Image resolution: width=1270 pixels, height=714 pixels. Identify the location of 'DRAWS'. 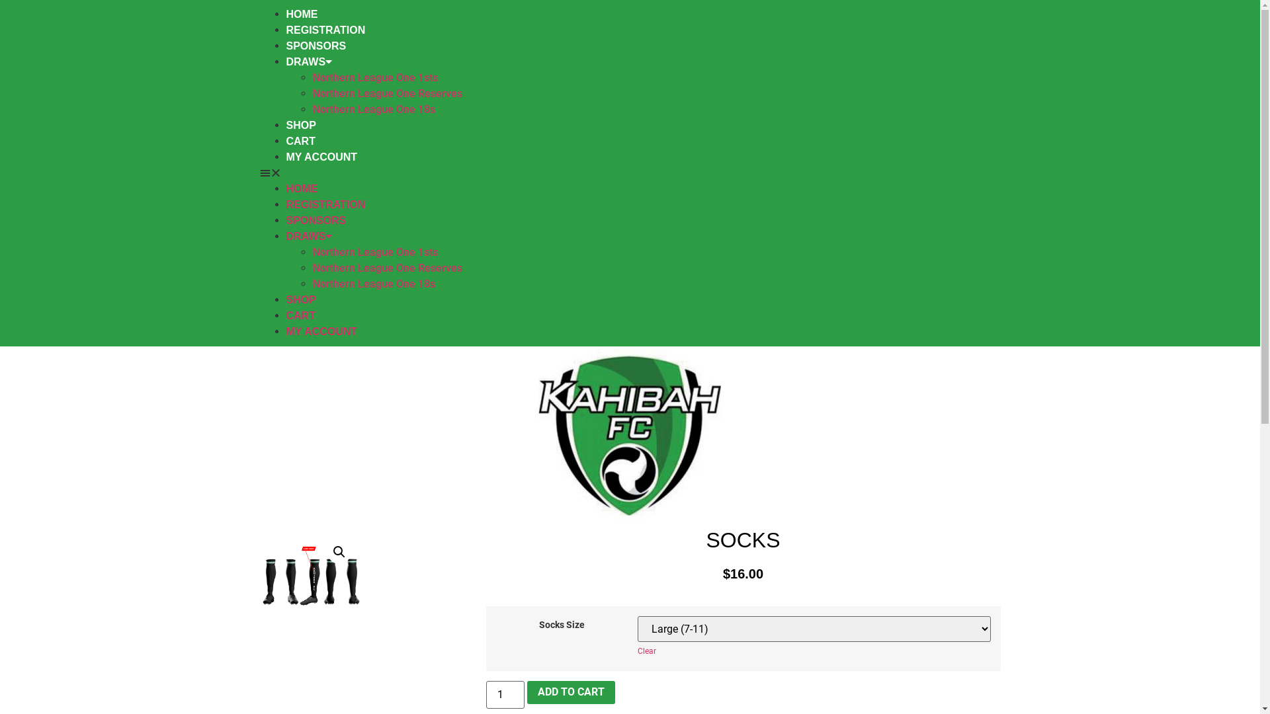
(308, 235).